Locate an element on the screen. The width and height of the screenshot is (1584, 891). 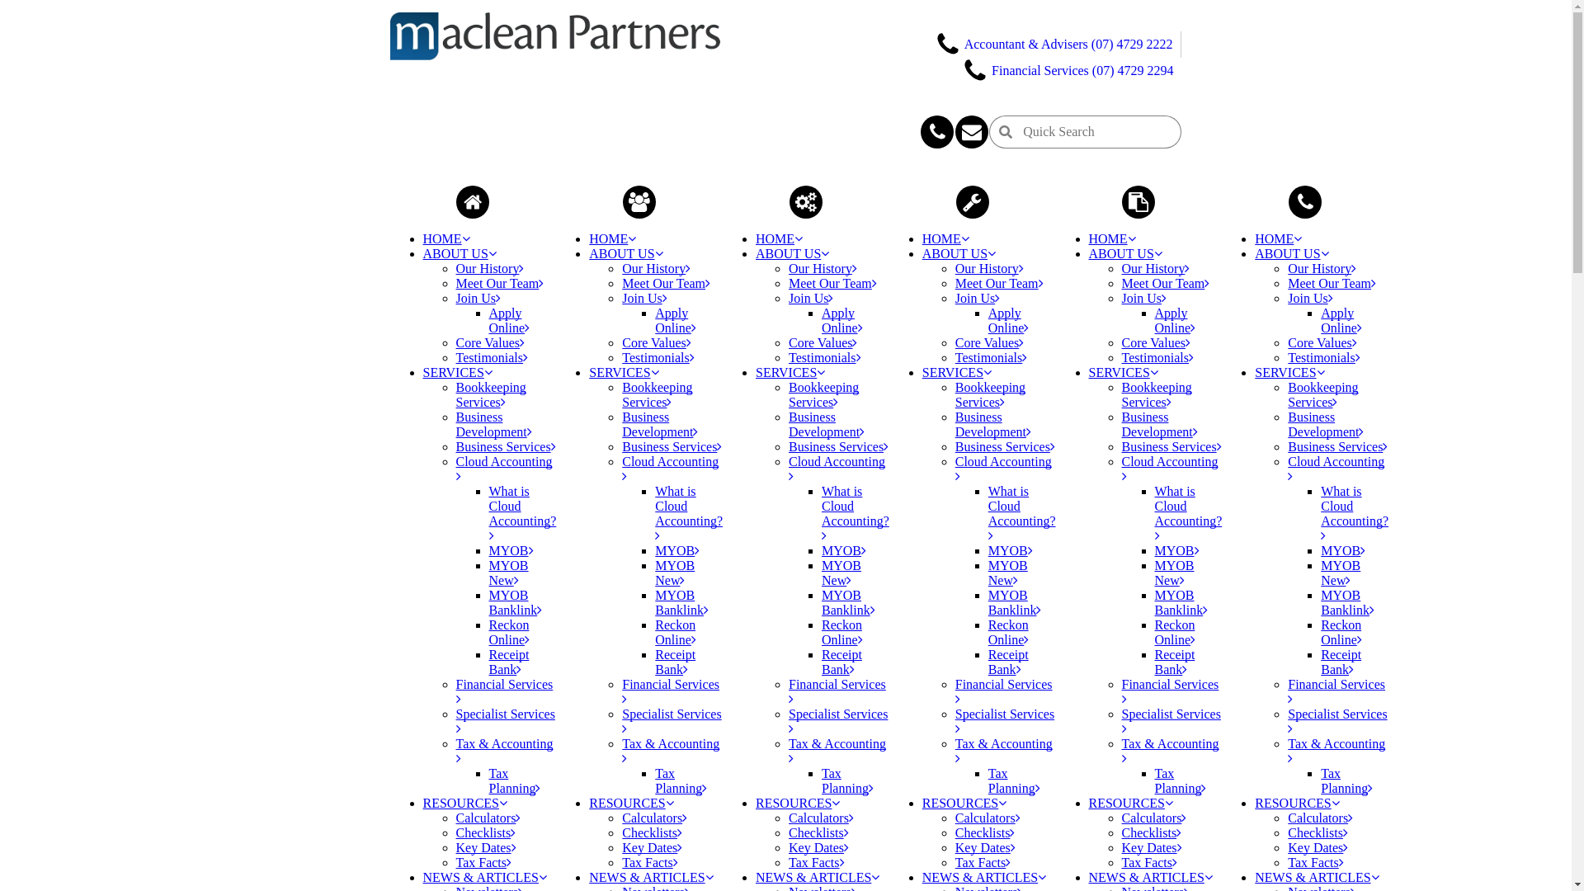
'Financial Services' is located at coordinates (502, 691).